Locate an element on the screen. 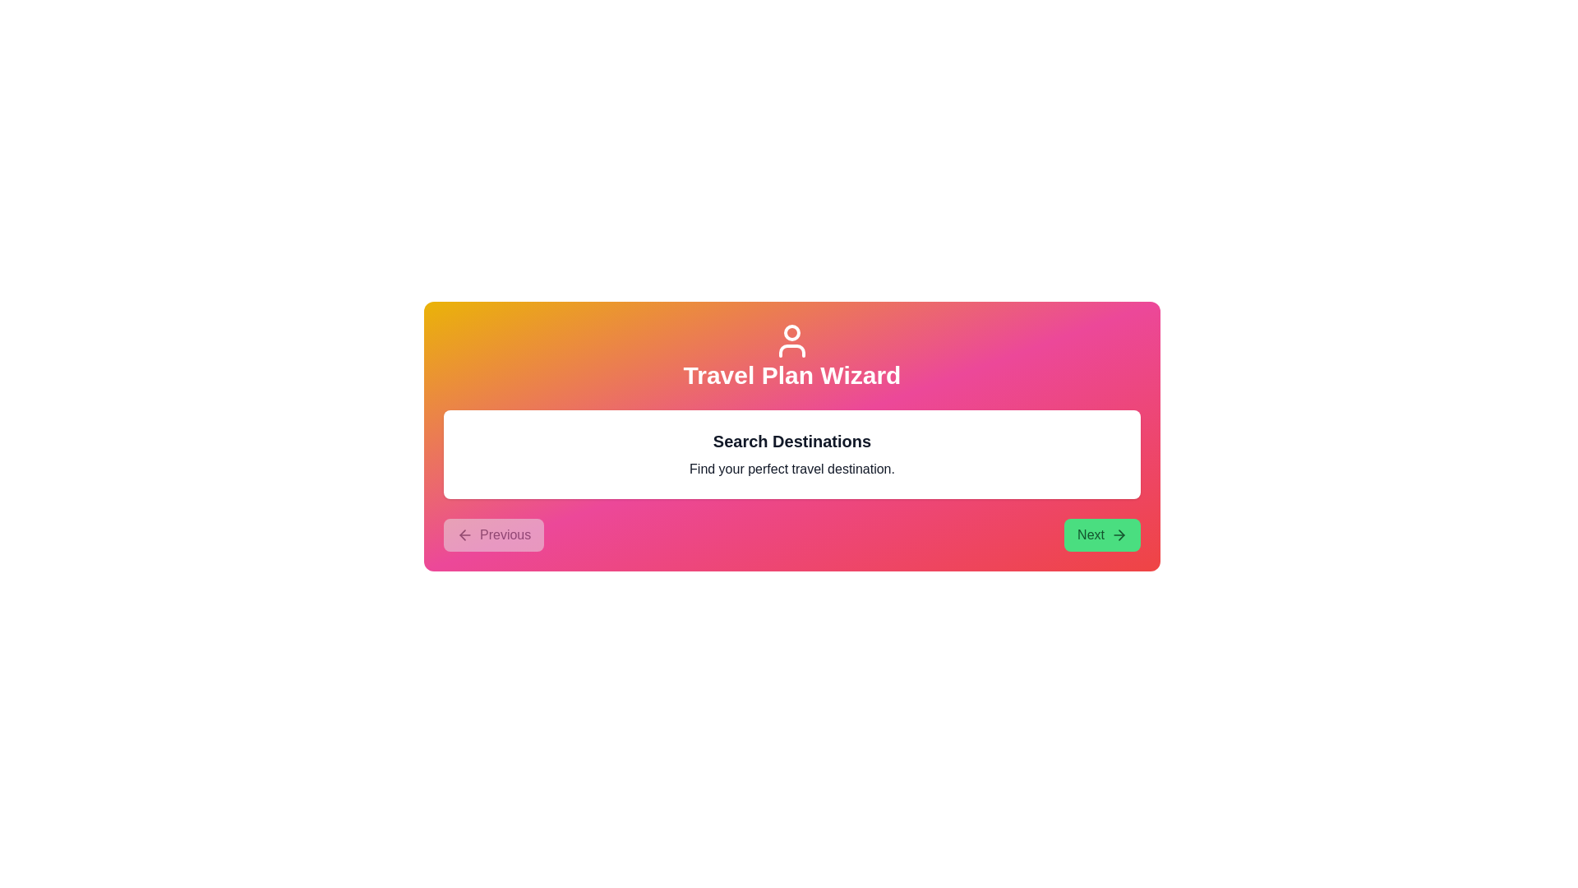 The image size is (1578, 888). the decorative arrow icon within the green 'Next' button, which indicates a forward action is located at coordinates (1120, 535).